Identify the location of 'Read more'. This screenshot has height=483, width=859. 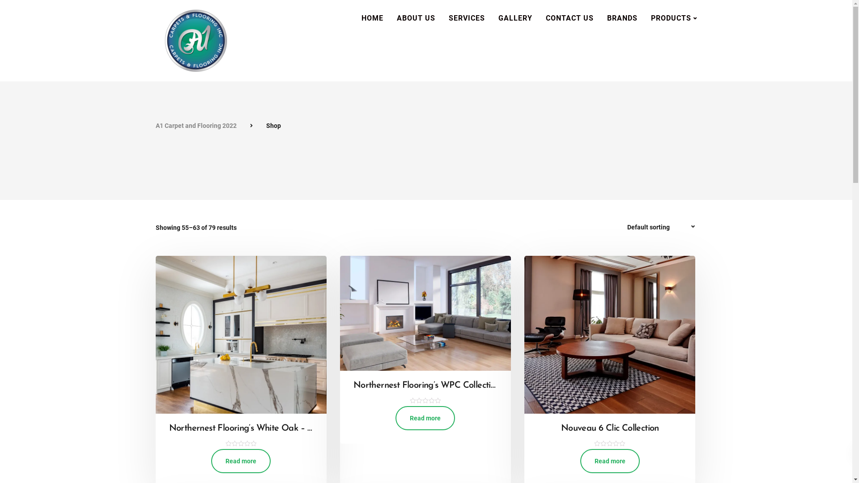
(425, 418).